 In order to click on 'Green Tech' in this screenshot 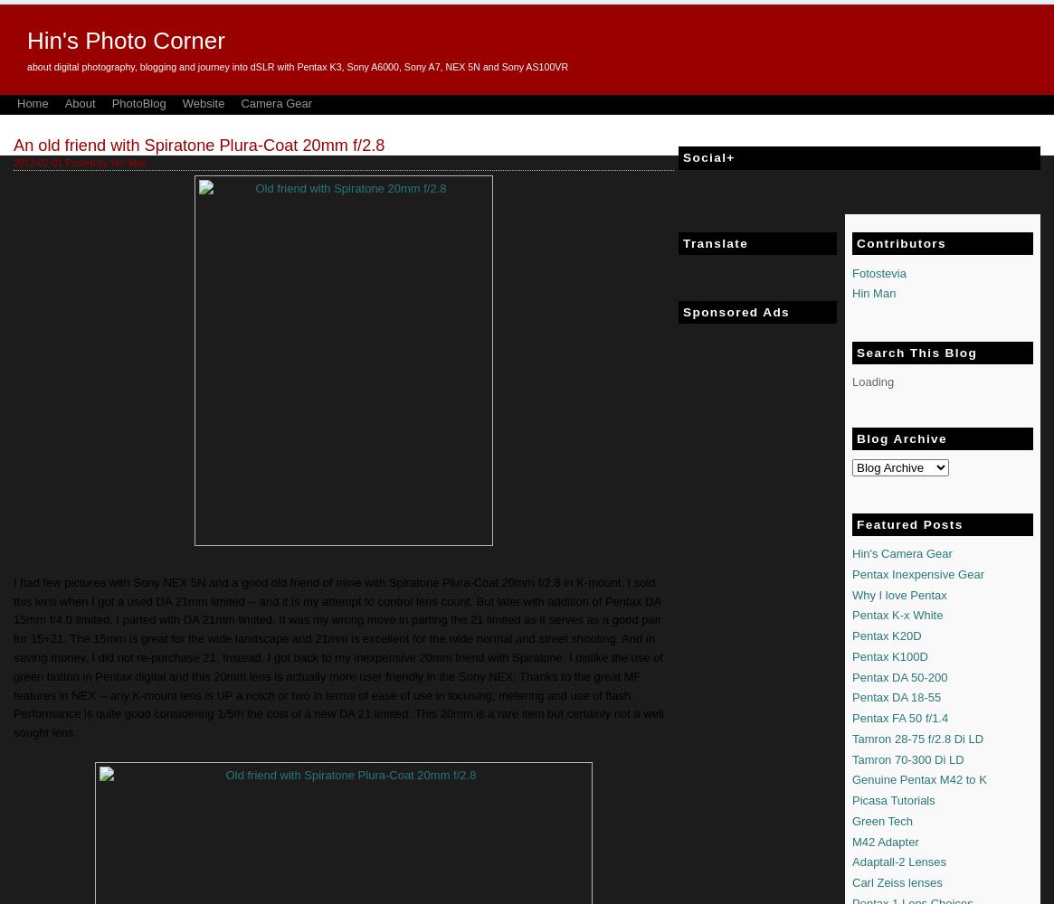, I will do `click(881, 820)`.